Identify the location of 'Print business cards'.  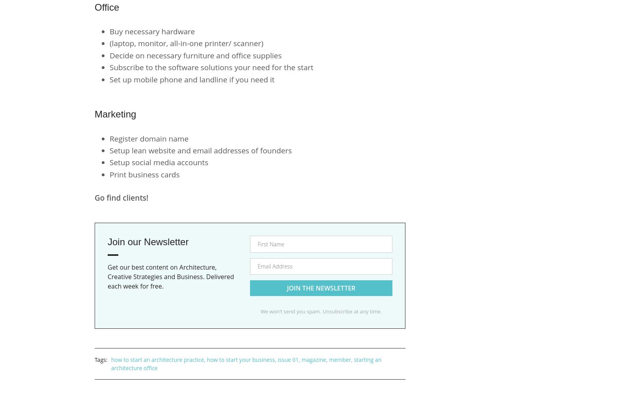
(144, 174).